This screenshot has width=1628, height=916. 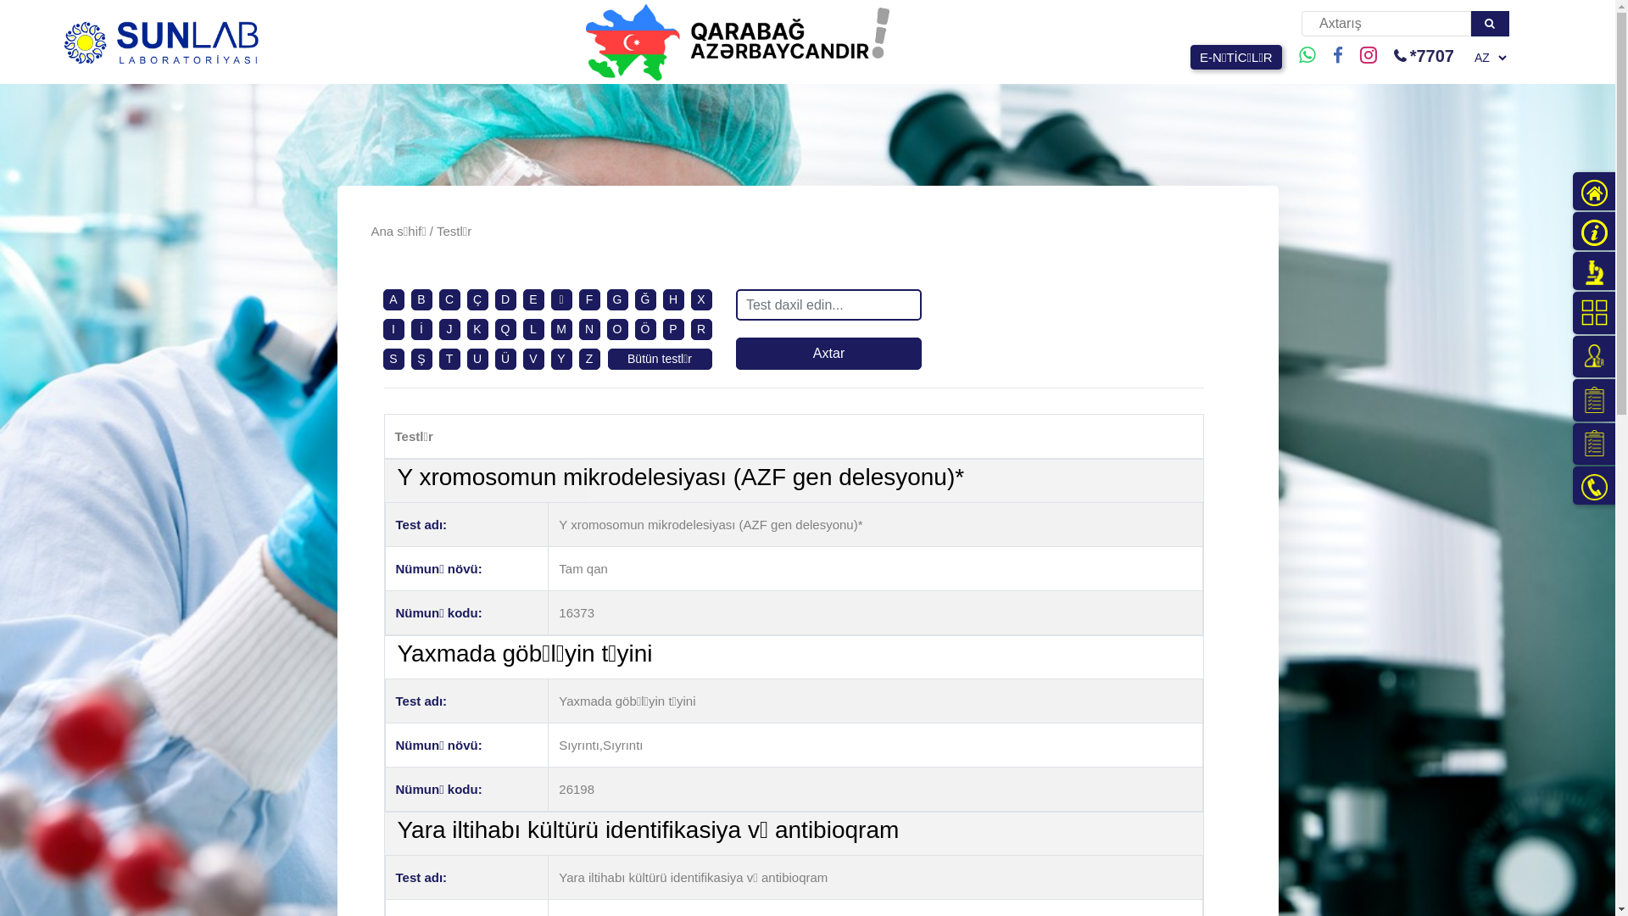 I want to click on 'U', so click(x=476, y=358).